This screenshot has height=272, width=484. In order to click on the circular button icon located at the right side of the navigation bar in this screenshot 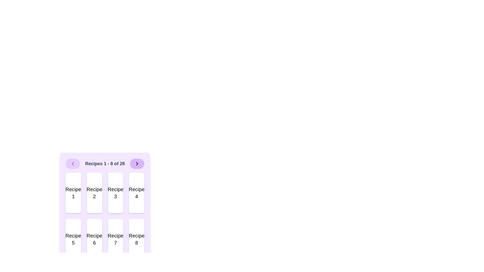, I will do `click(137, 164)`.